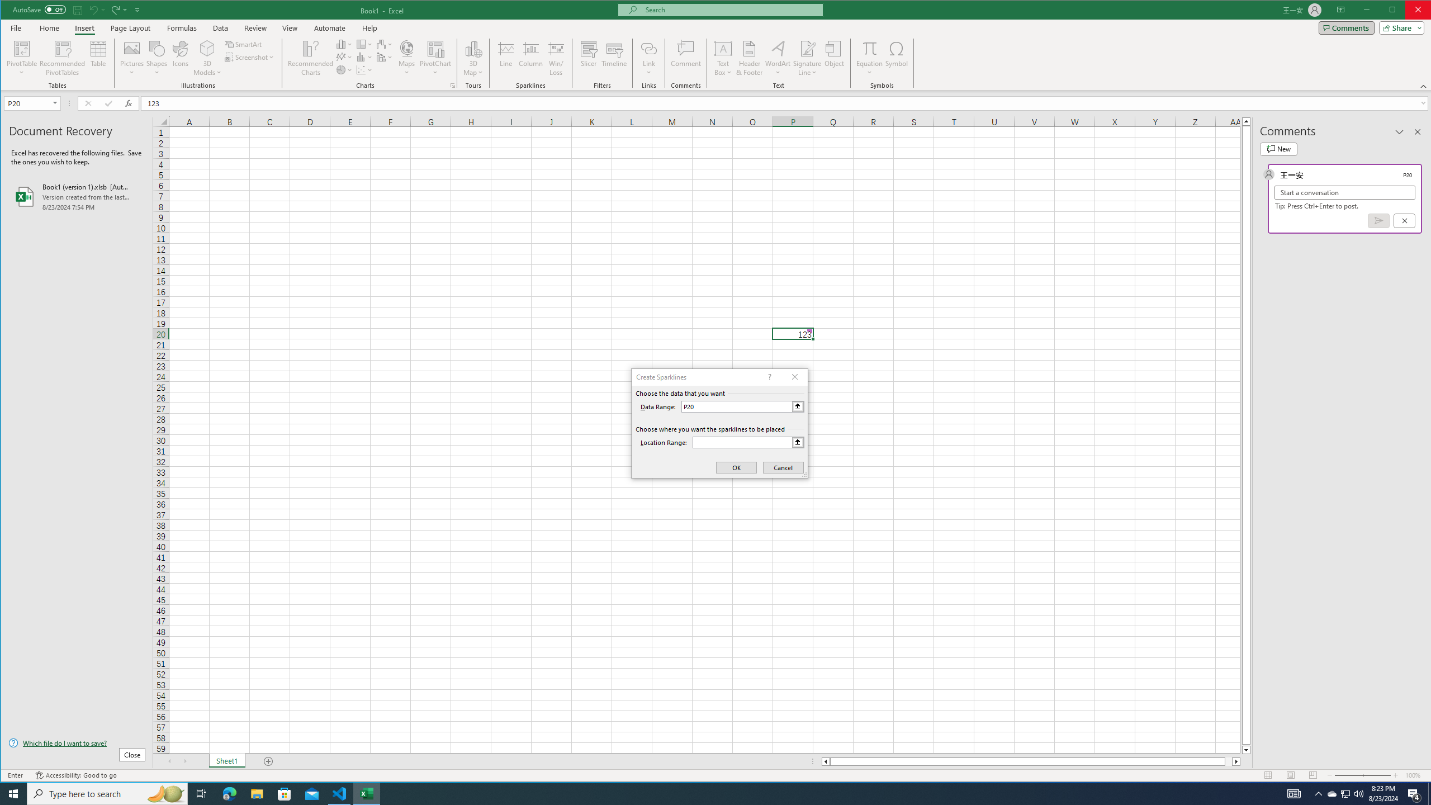  Describe the element at coordinates (435, 48) in the screenshot. I see `'PivotChart'` at that location.